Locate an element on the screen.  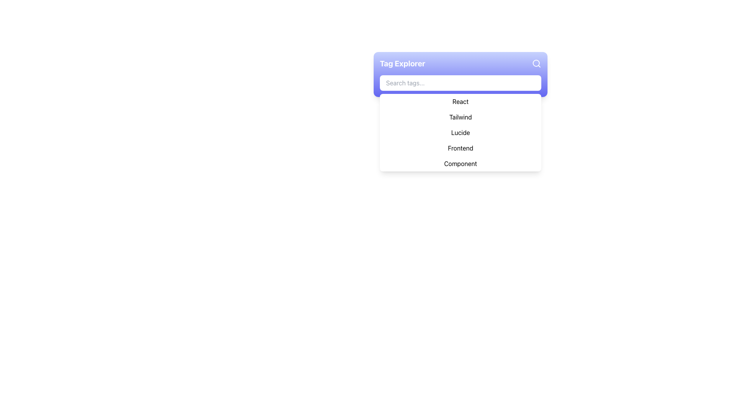
the inner circle of the magnifying glass icon located at the top-right corner of the interface, which is purely decorative and does not have any interactive functionality is located at coordinates (536, 62).